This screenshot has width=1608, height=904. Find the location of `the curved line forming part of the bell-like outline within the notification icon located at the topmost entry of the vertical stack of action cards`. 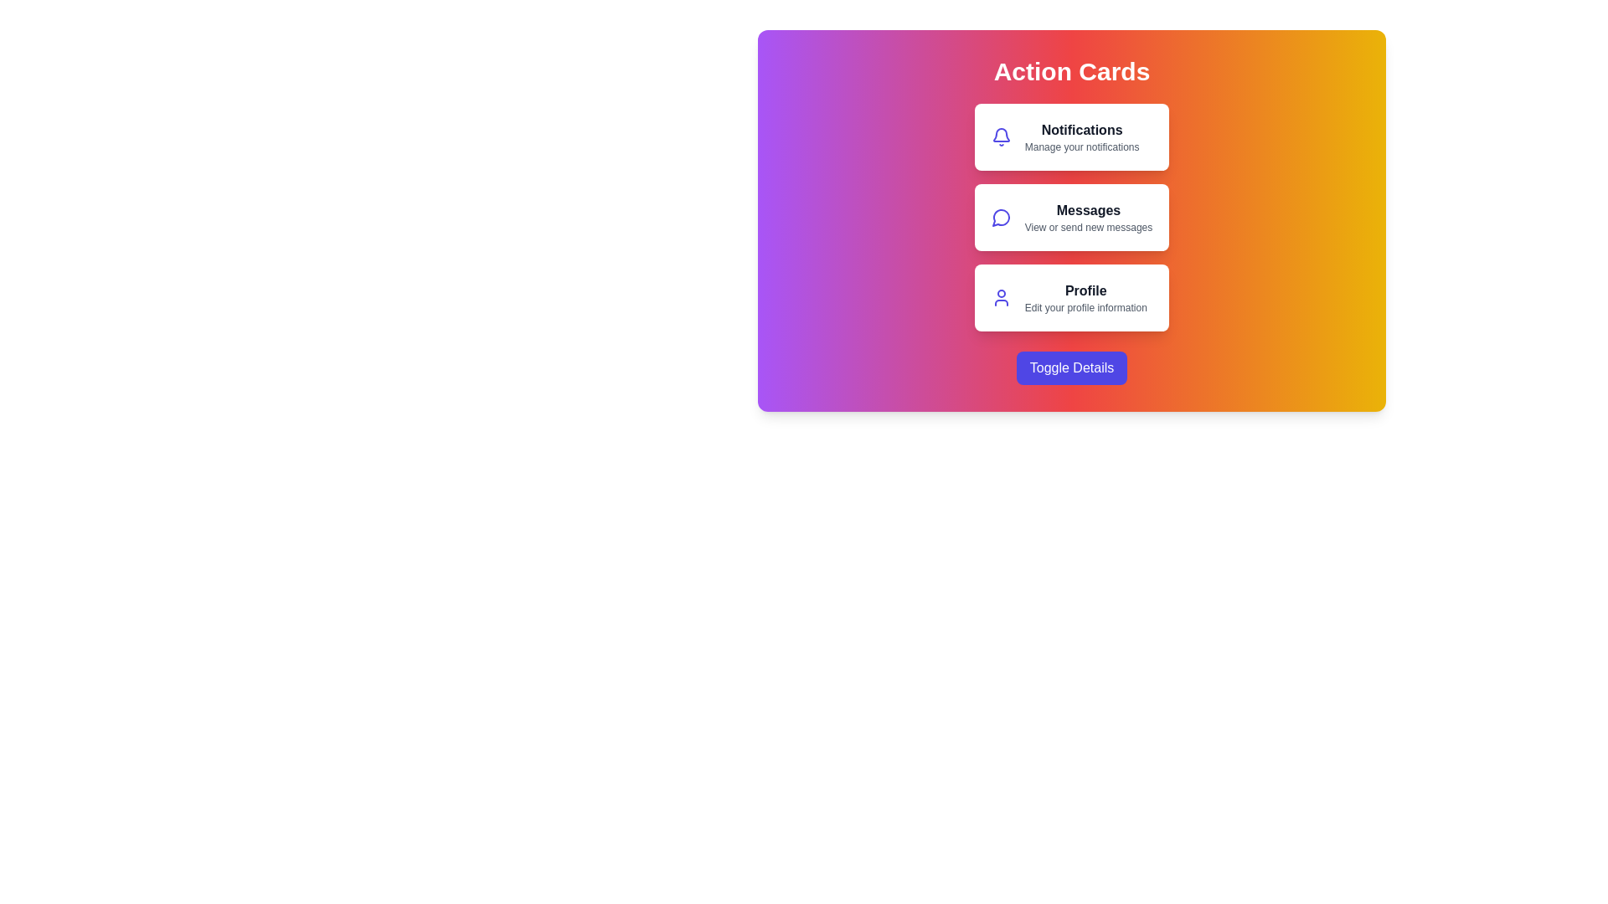

the curved line forming part of the bell-like outline within the notification icon located at the topmost entry of the vertical stack of action cards is located at coordinates (1001, 134).